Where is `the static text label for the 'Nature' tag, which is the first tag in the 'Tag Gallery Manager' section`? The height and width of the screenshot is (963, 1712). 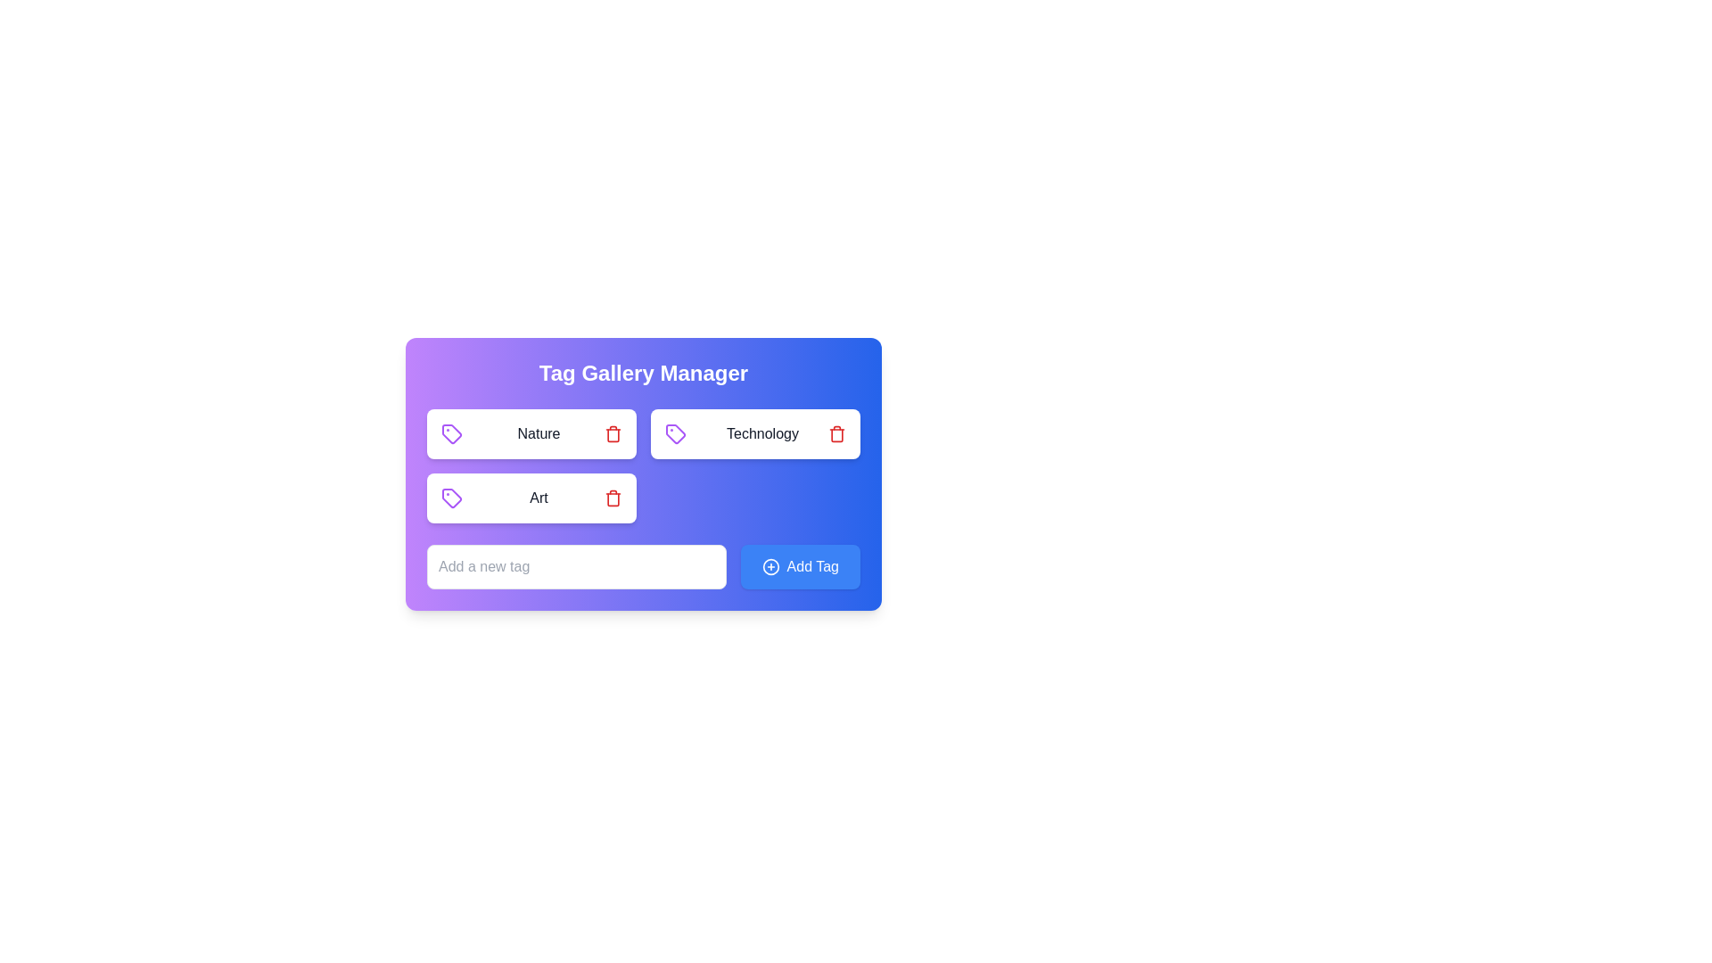 the static text label for the 'Nature' tag, which is the first tag in the 'Tag Gallery Manager' section is located at coordinates (538, 433).